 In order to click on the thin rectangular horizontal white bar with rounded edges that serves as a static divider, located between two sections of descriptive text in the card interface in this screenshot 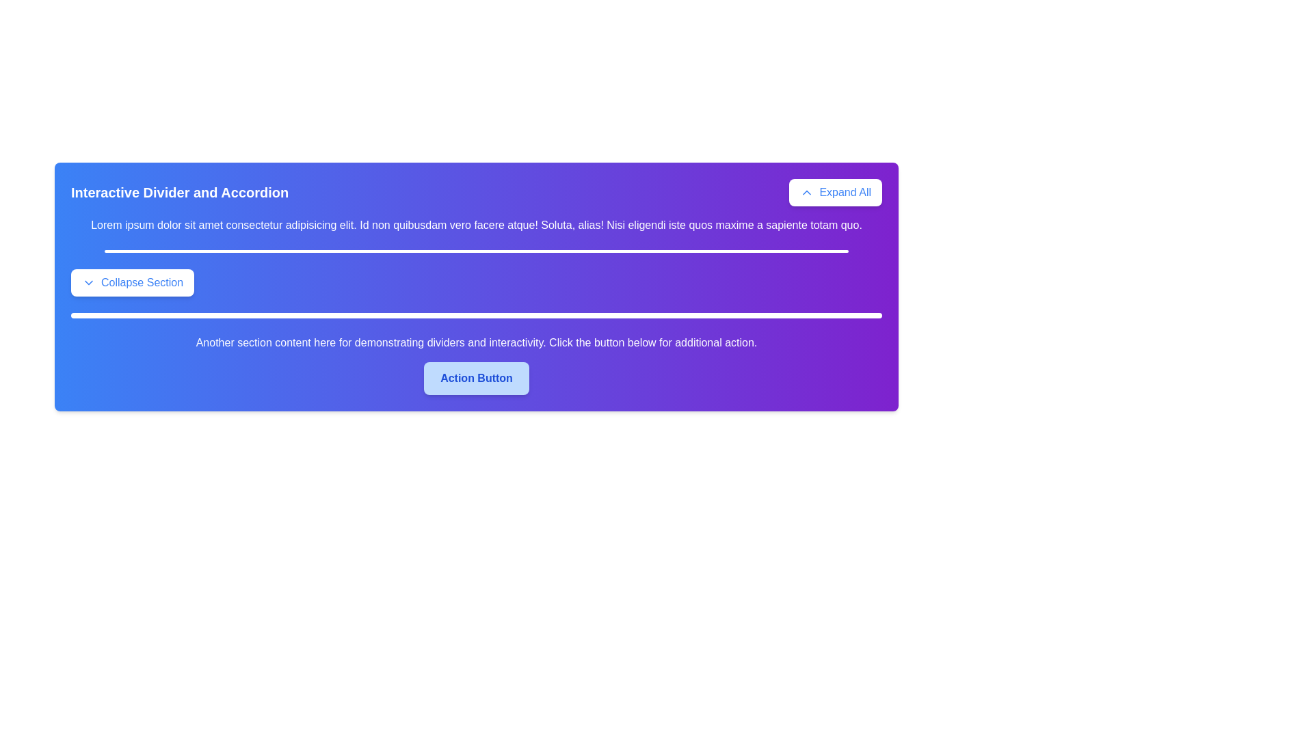, I will do `click(476, 316)`.